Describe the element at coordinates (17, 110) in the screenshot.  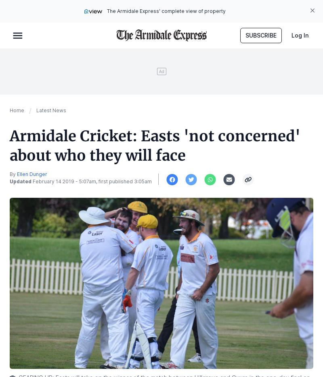
I see `'Home'` at that location.